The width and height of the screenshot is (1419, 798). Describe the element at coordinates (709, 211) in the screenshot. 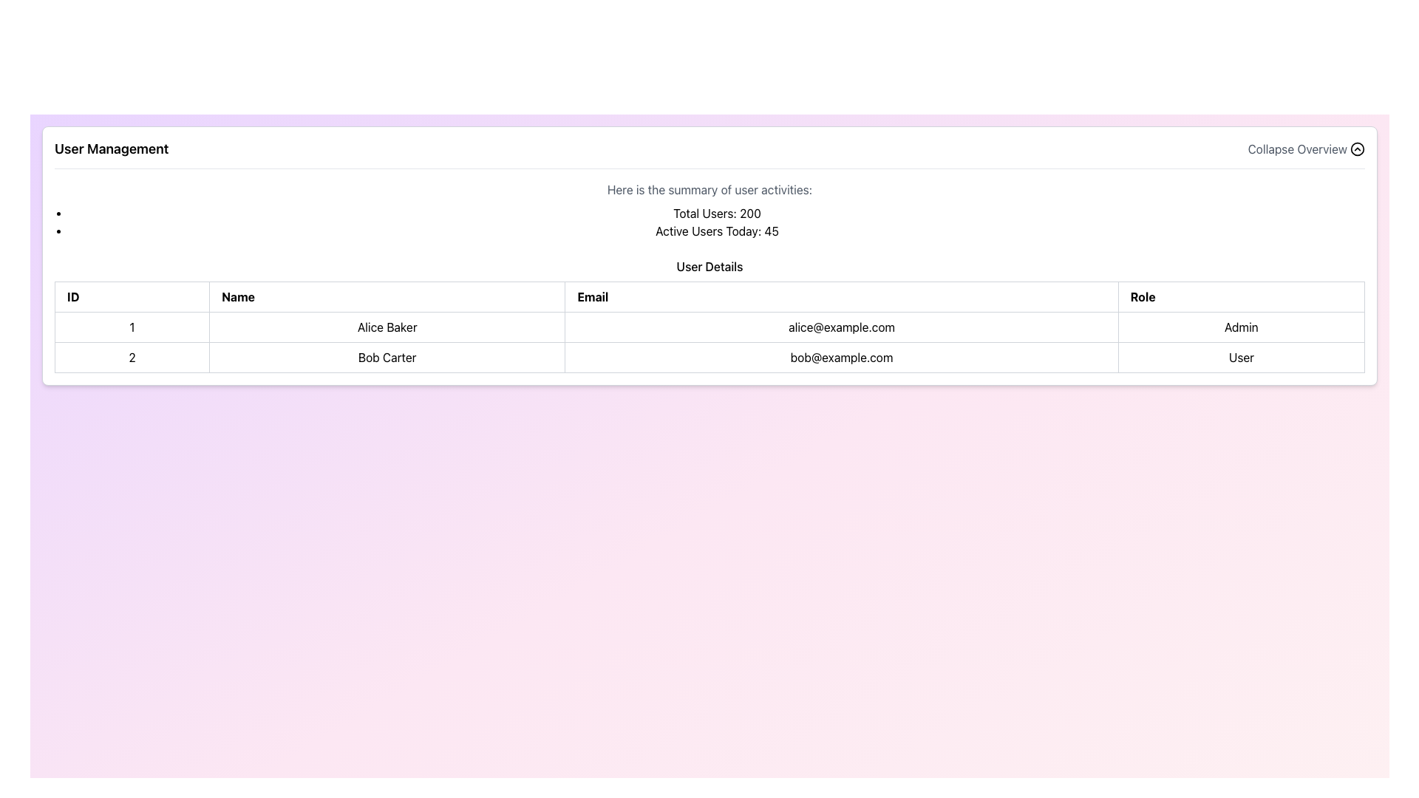

I see `textual summary of user activities displayed in the centrally aligned text block beneath the 'User Management' header` at that location.